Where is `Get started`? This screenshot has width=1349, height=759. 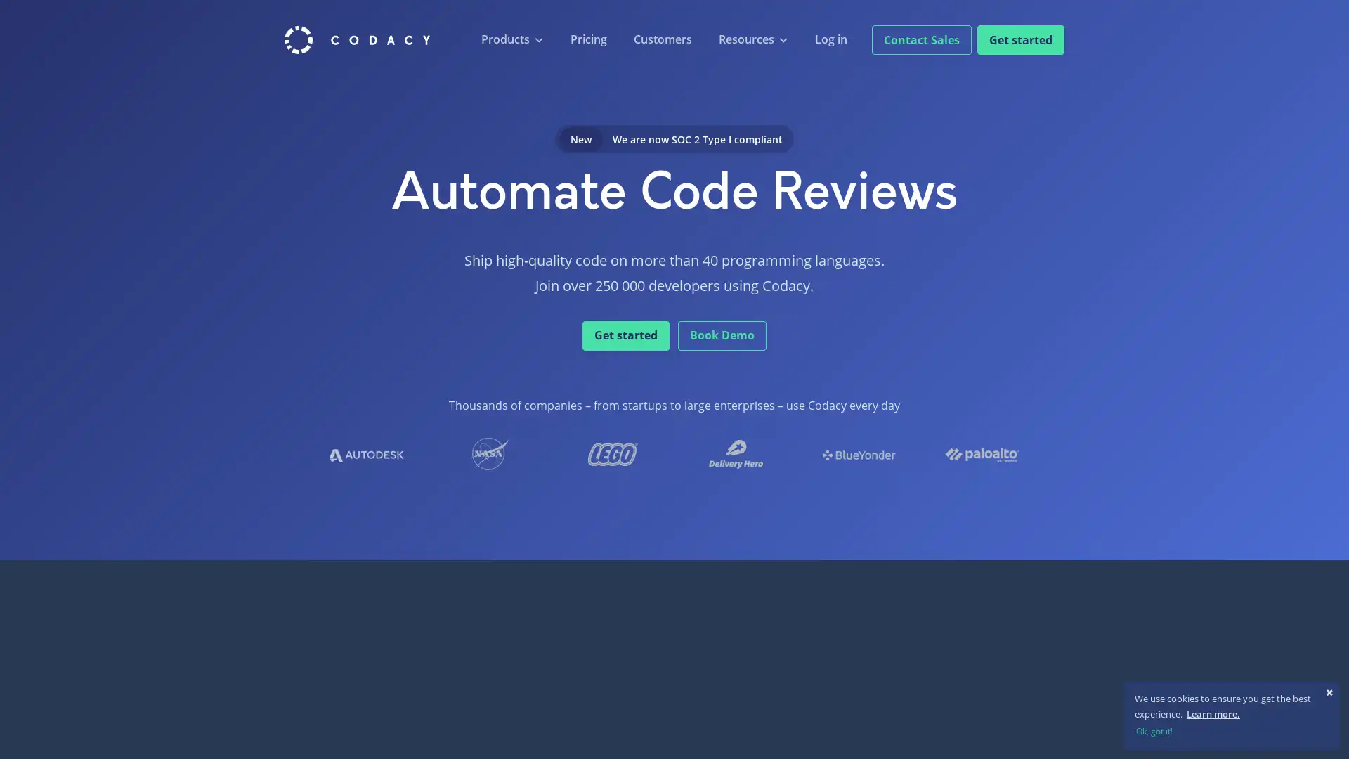 Get started is located at coordinates (625, 335).